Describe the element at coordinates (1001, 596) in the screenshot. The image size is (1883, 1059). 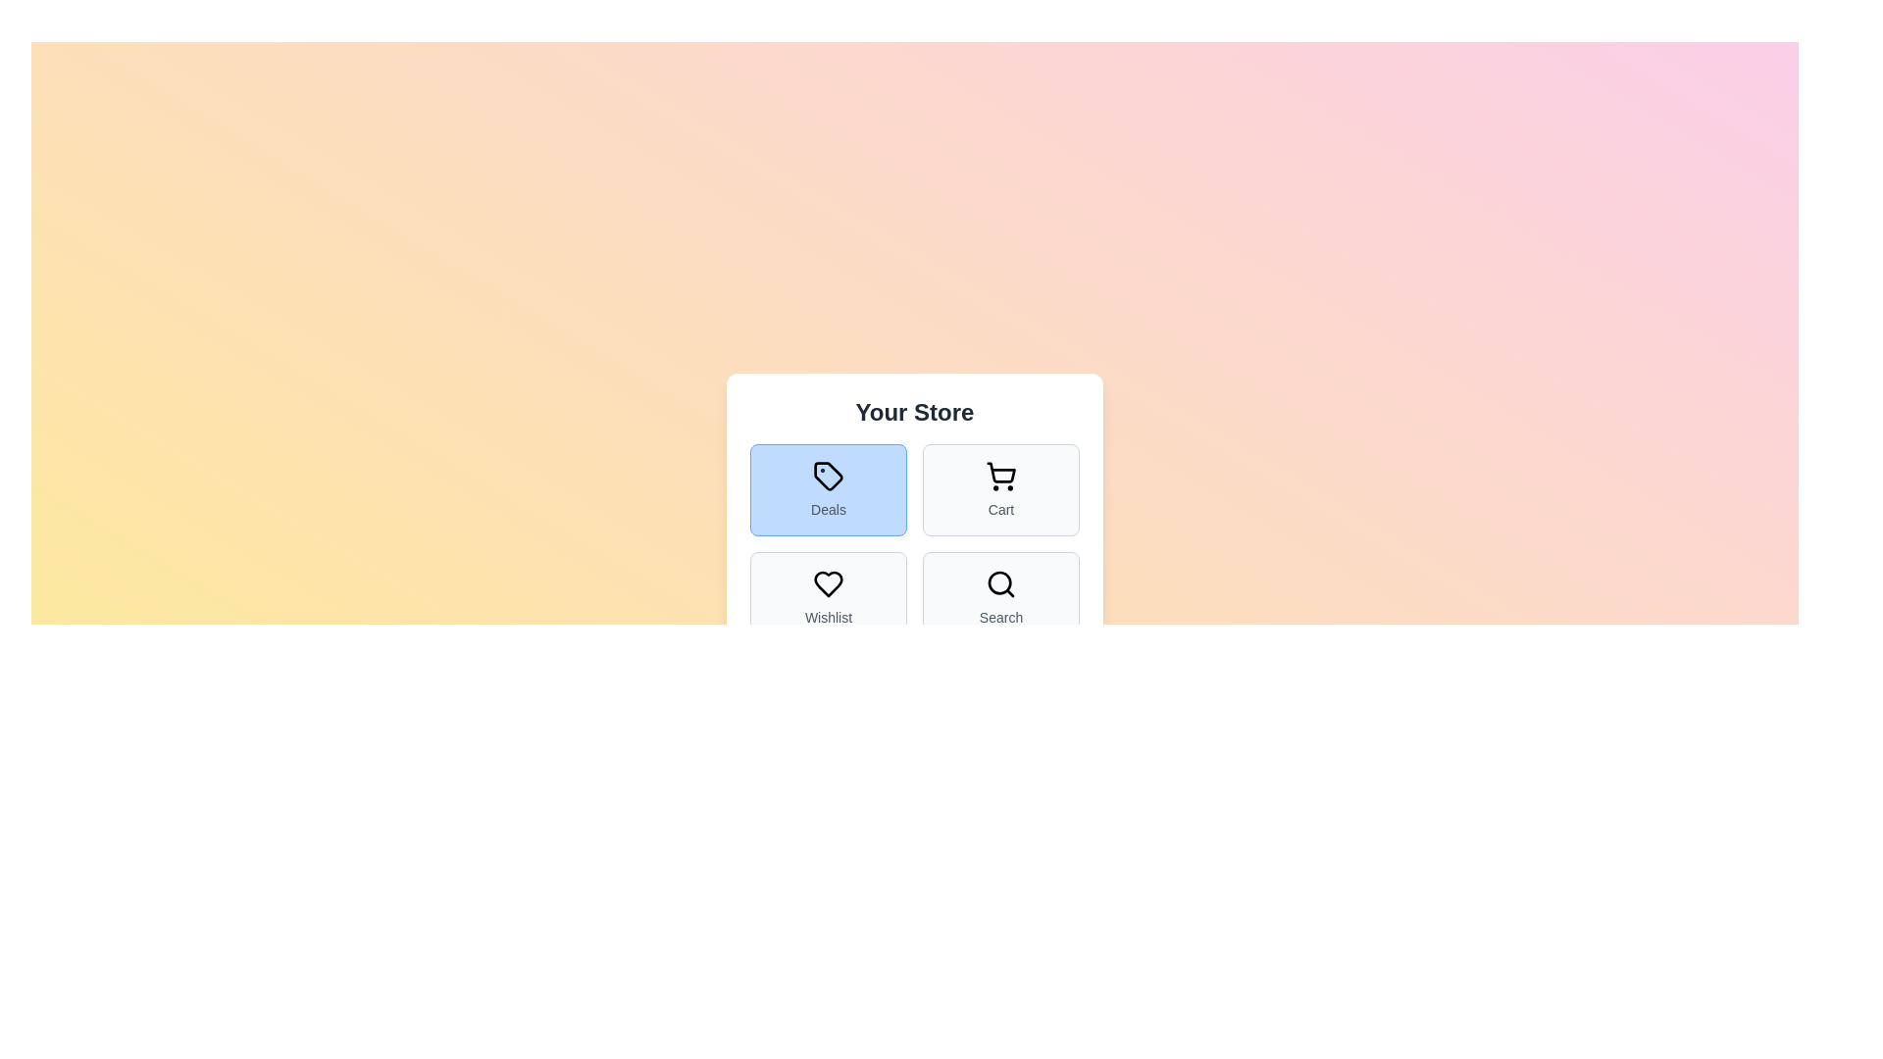
I see `the Search tab button to observe its hover effect` at that location.